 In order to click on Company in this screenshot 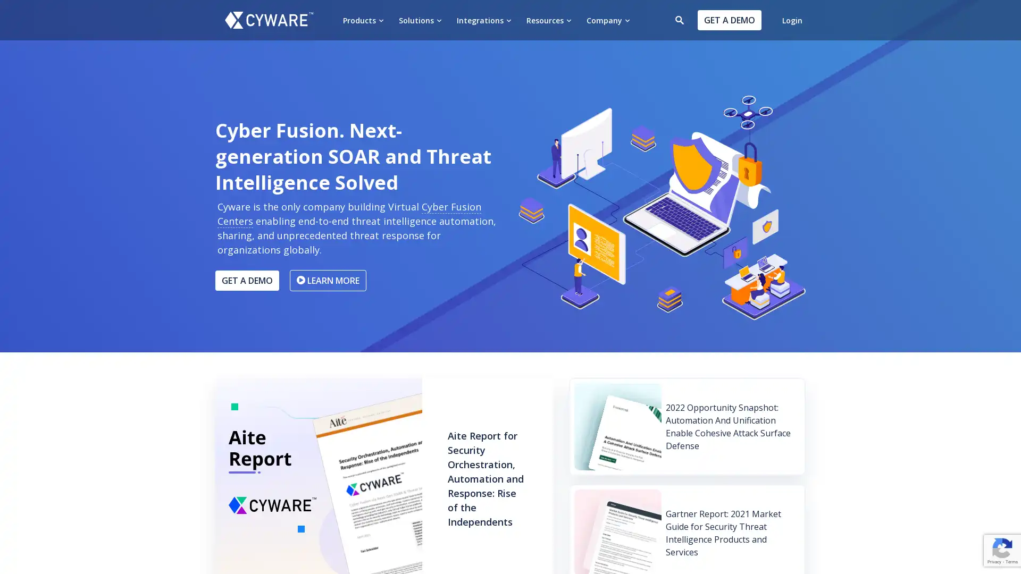, I will do `click(608, 20)`.